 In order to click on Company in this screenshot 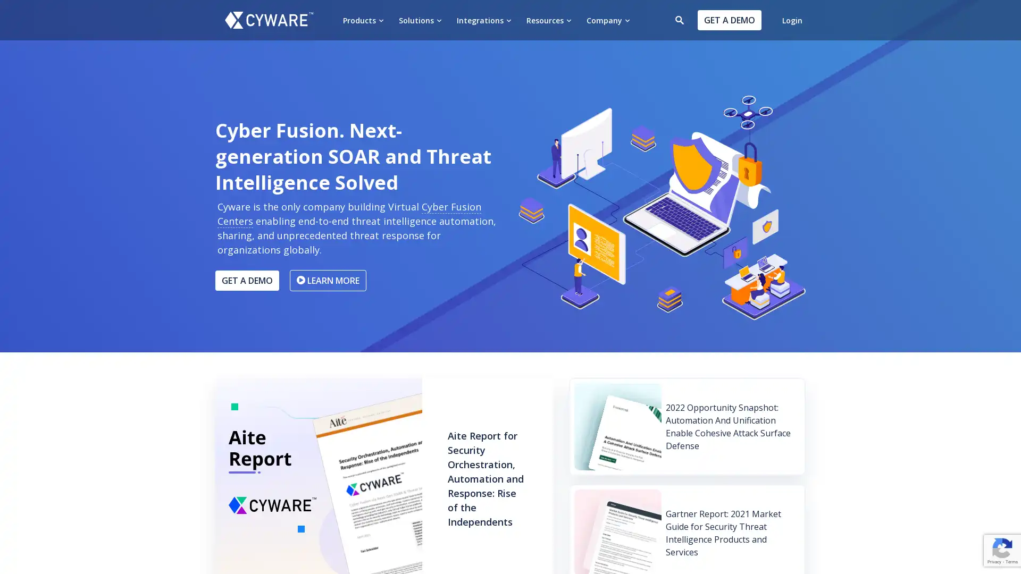, I will do `click(608, 20)`.